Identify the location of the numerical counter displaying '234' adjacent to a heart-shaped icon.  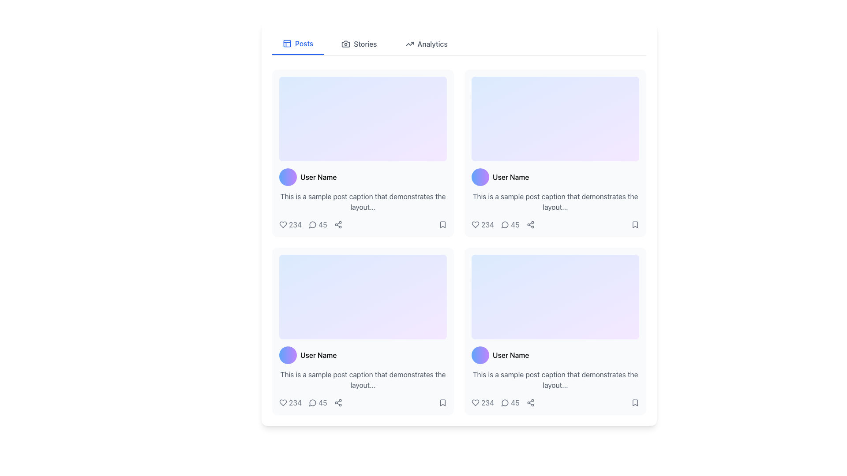
(482, 403).